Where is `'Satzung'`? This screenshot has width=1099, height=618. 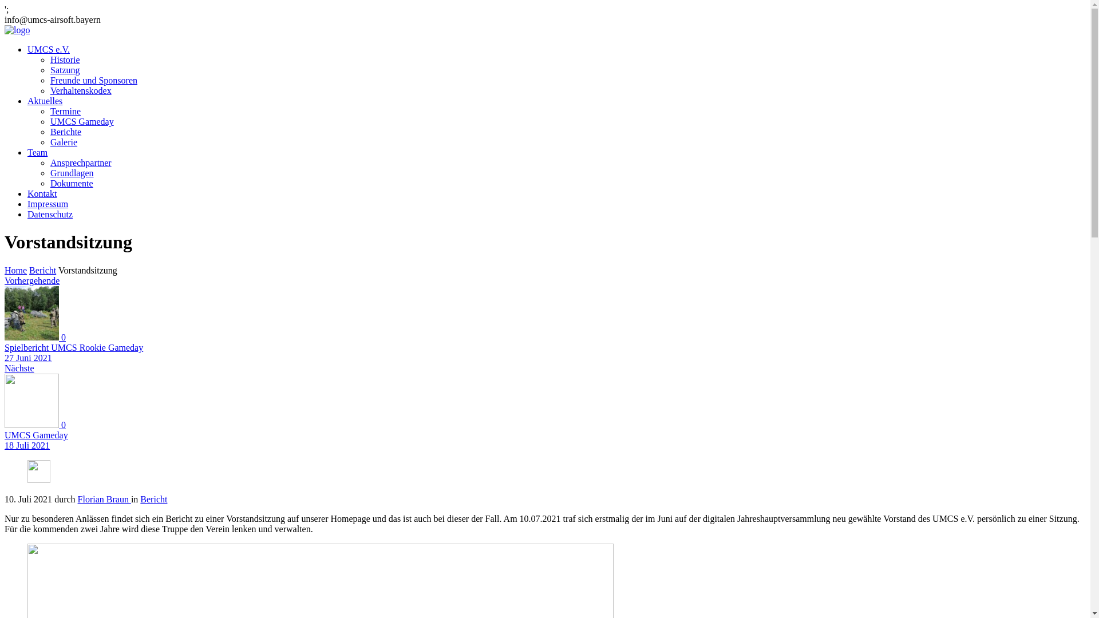
'Satzung' is located at coordinates (65, 70).